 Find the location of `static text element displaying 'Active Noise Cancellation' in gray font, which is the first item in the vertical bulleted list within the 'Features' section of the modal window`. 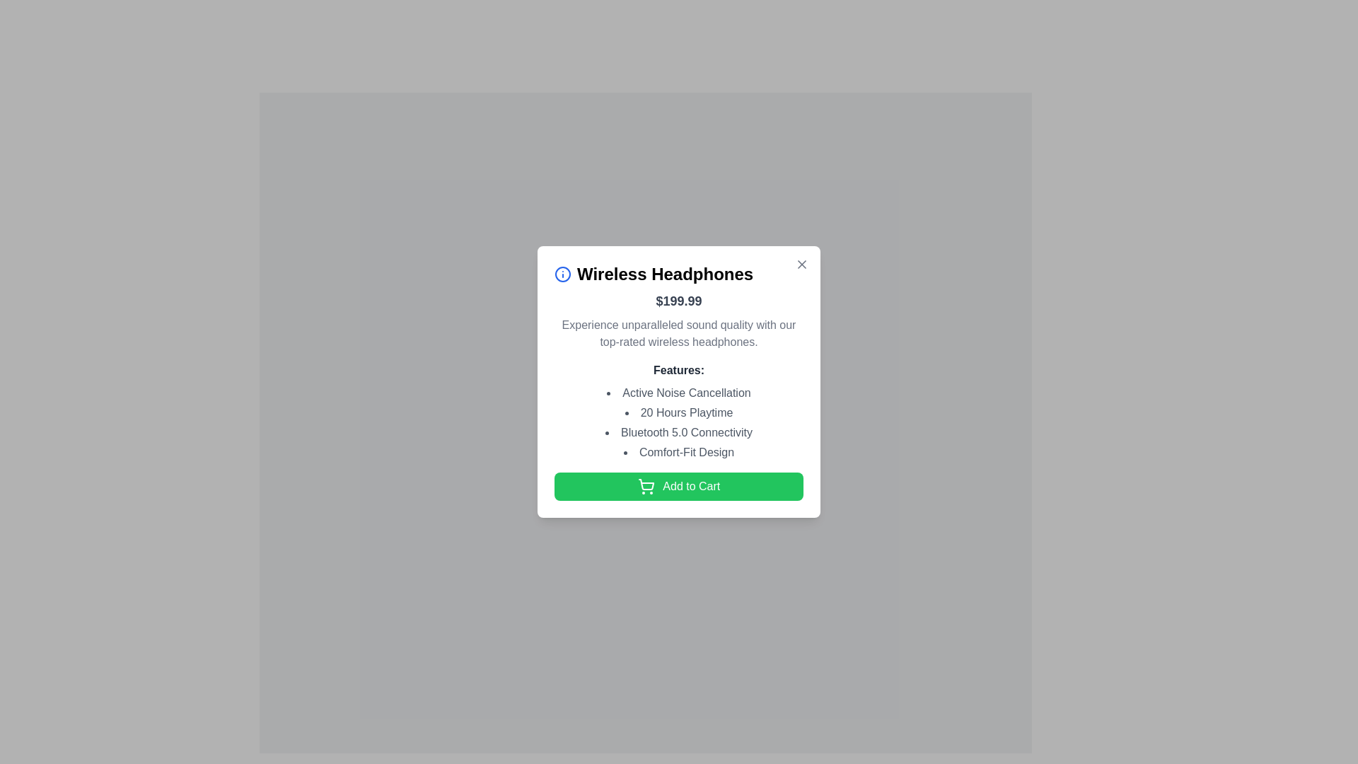

static text element displaying 'Active Noise Cancellation' in gray font, which is the first item in the vertical bulleted list within the 'Features' section of the modal window is located at coordinates (679, 393).